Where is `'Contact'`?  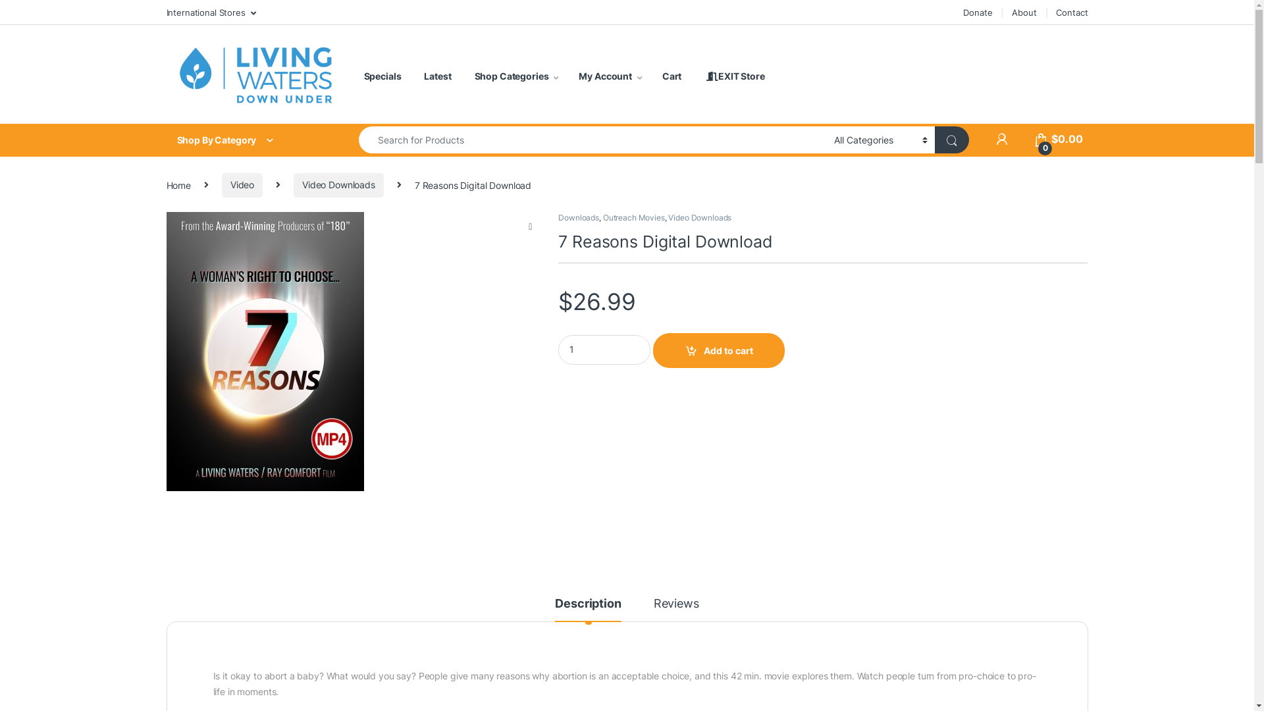 'Contact' is located at coordinates (1071, 12).